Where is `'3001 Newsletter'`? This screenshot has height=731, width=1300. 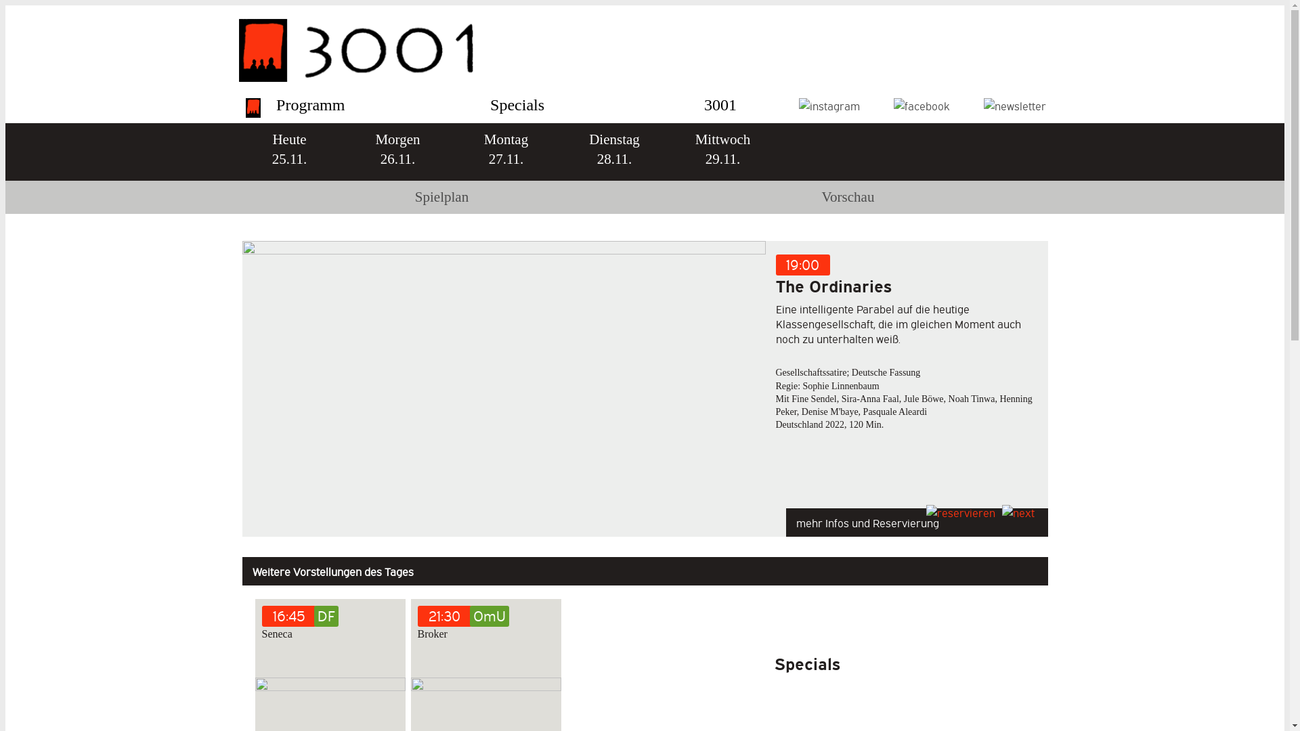 '3001 Newsletter' is located at coordinates (1014, 104).